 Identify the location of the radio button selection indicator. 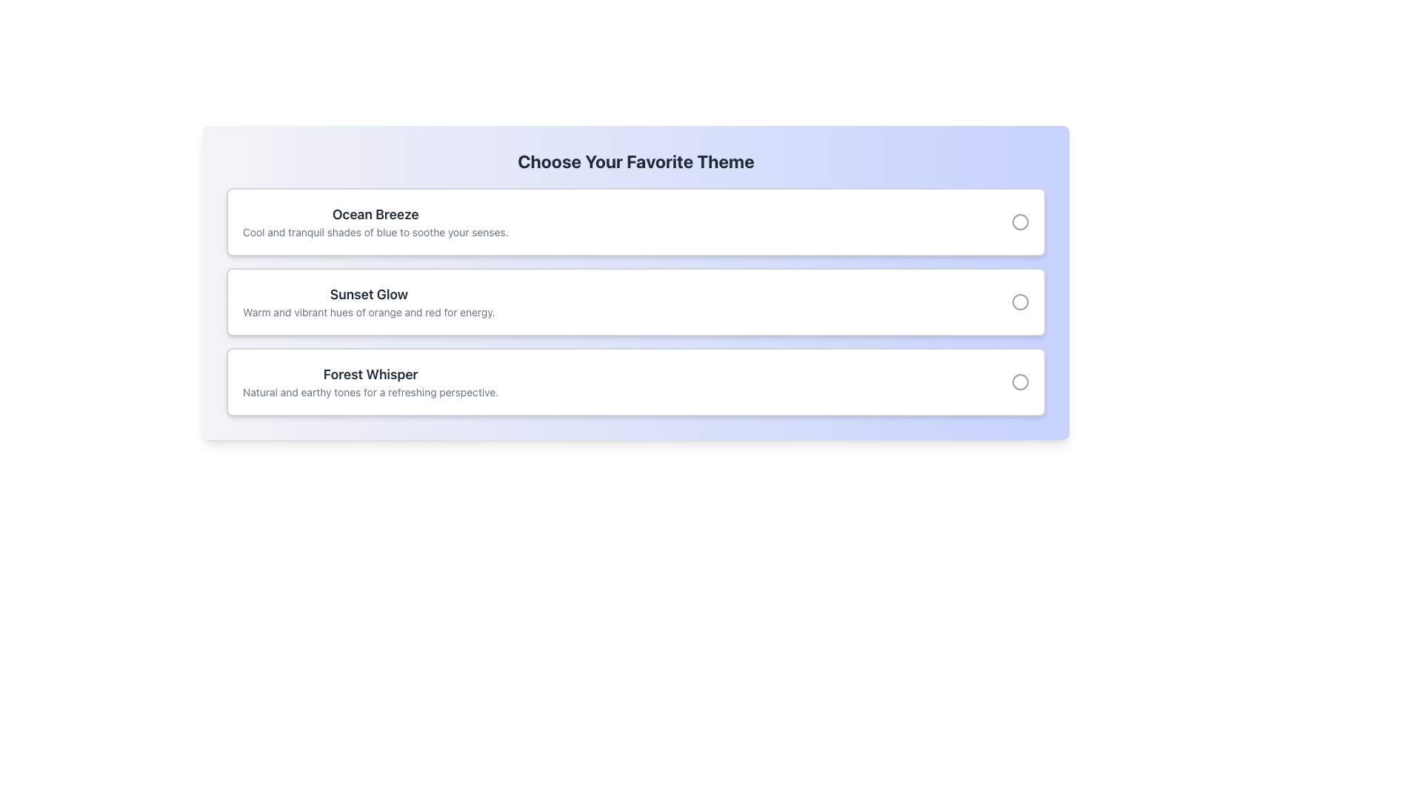
(1019, 301).